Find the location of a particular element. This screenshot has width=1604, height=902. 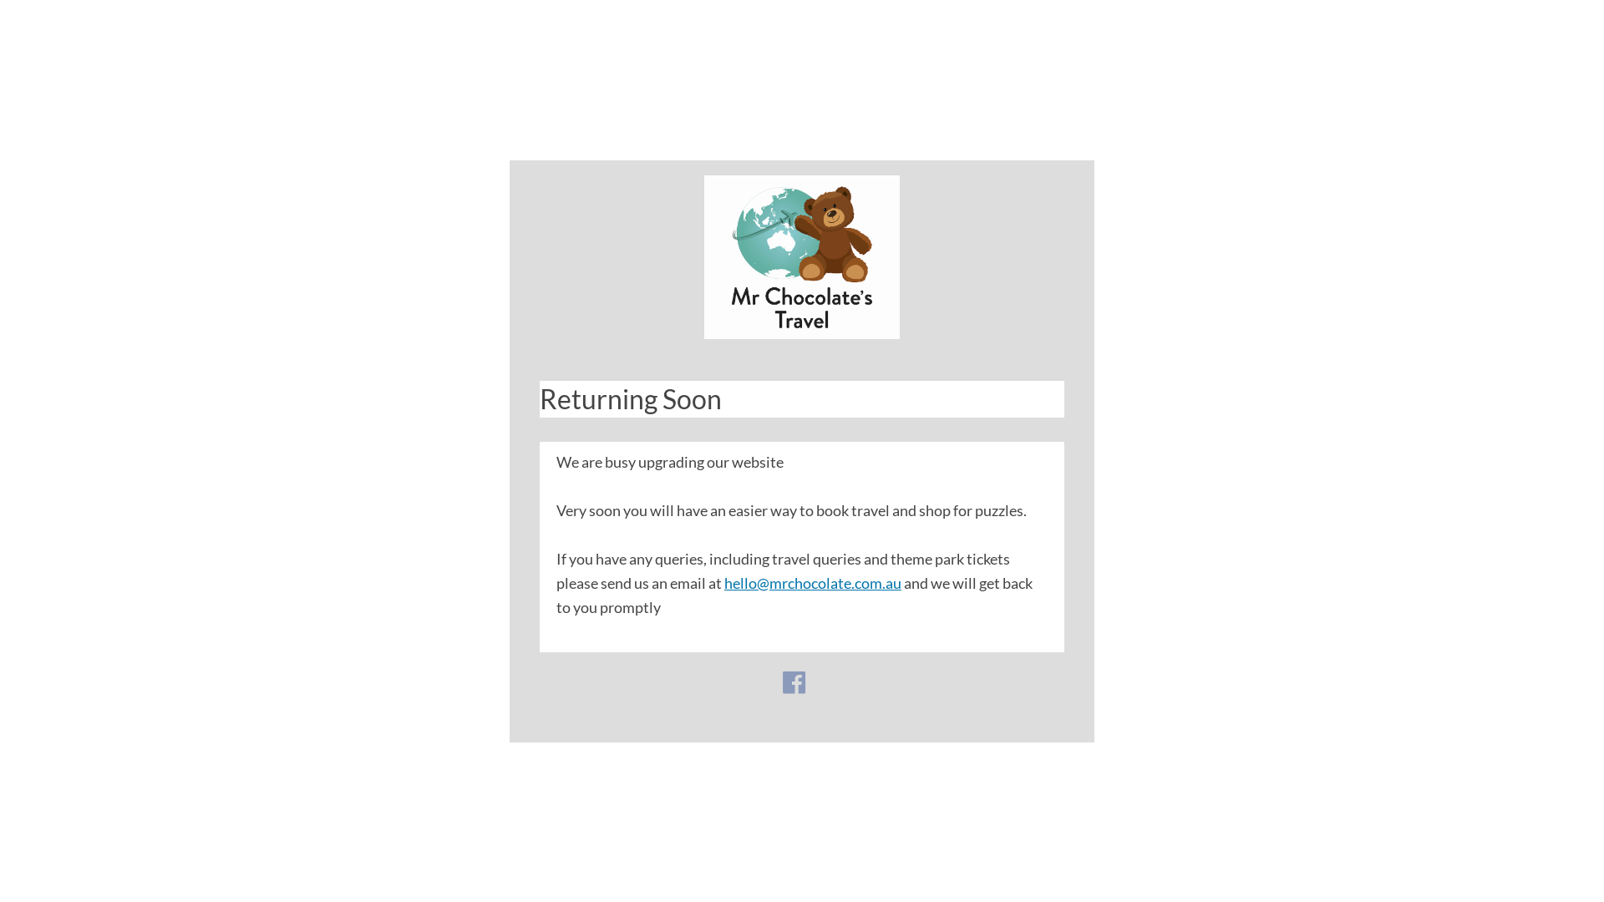

'hello@mrchocolate.com.au' is located at coordinates (813, 581).